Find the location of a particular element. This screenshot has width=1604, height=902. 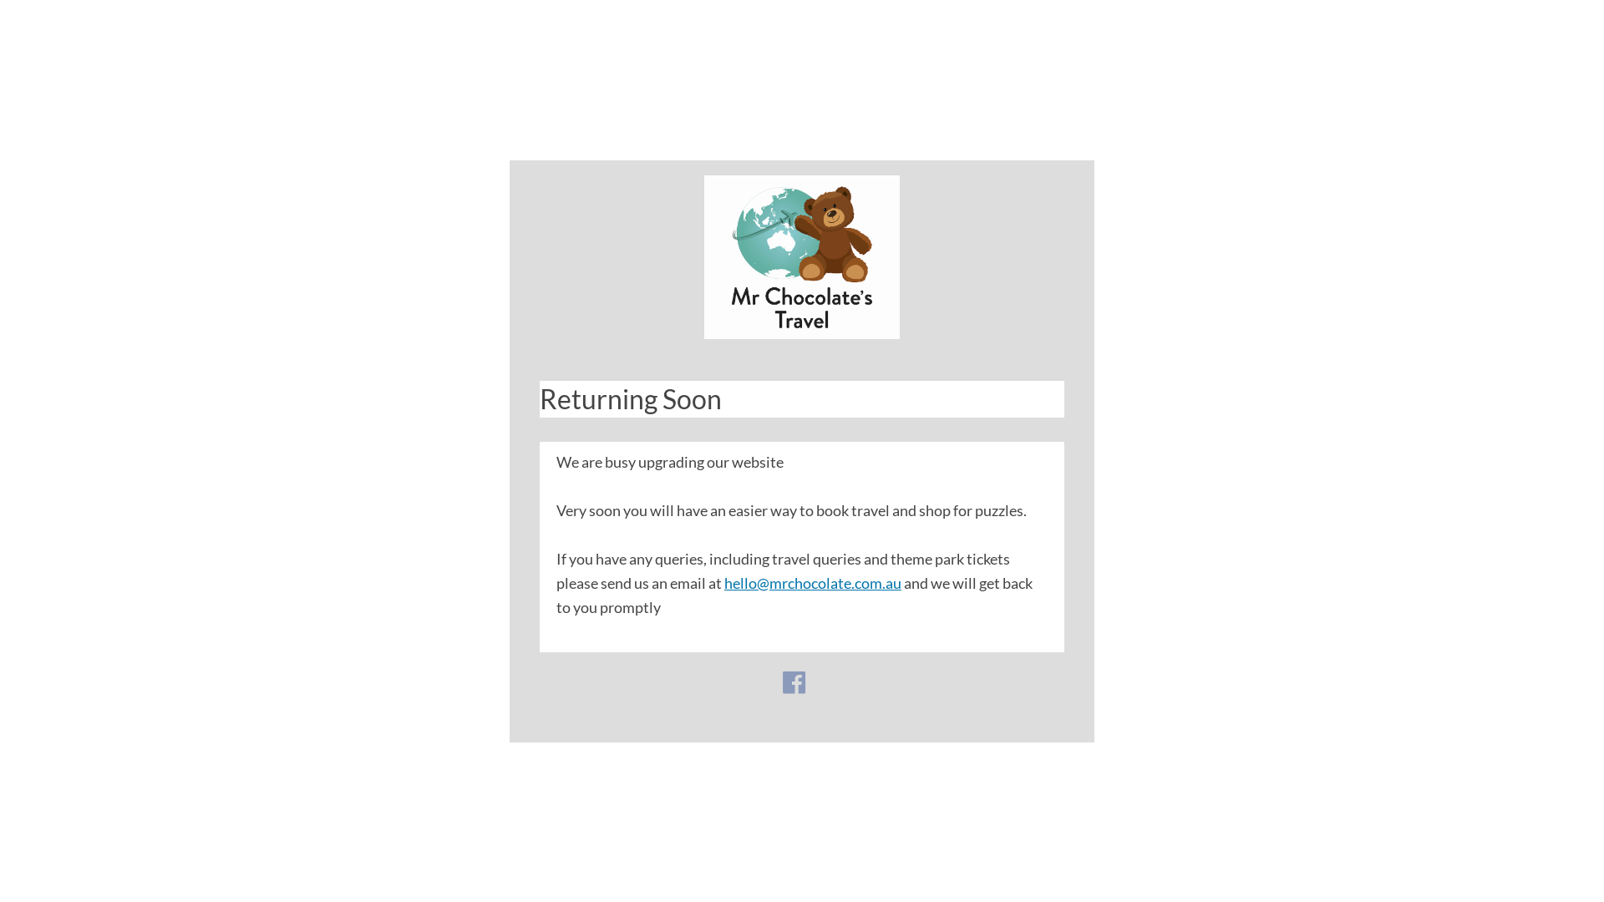

'hello@mrchocolate.com.au' is located at coordinates (813, 581).